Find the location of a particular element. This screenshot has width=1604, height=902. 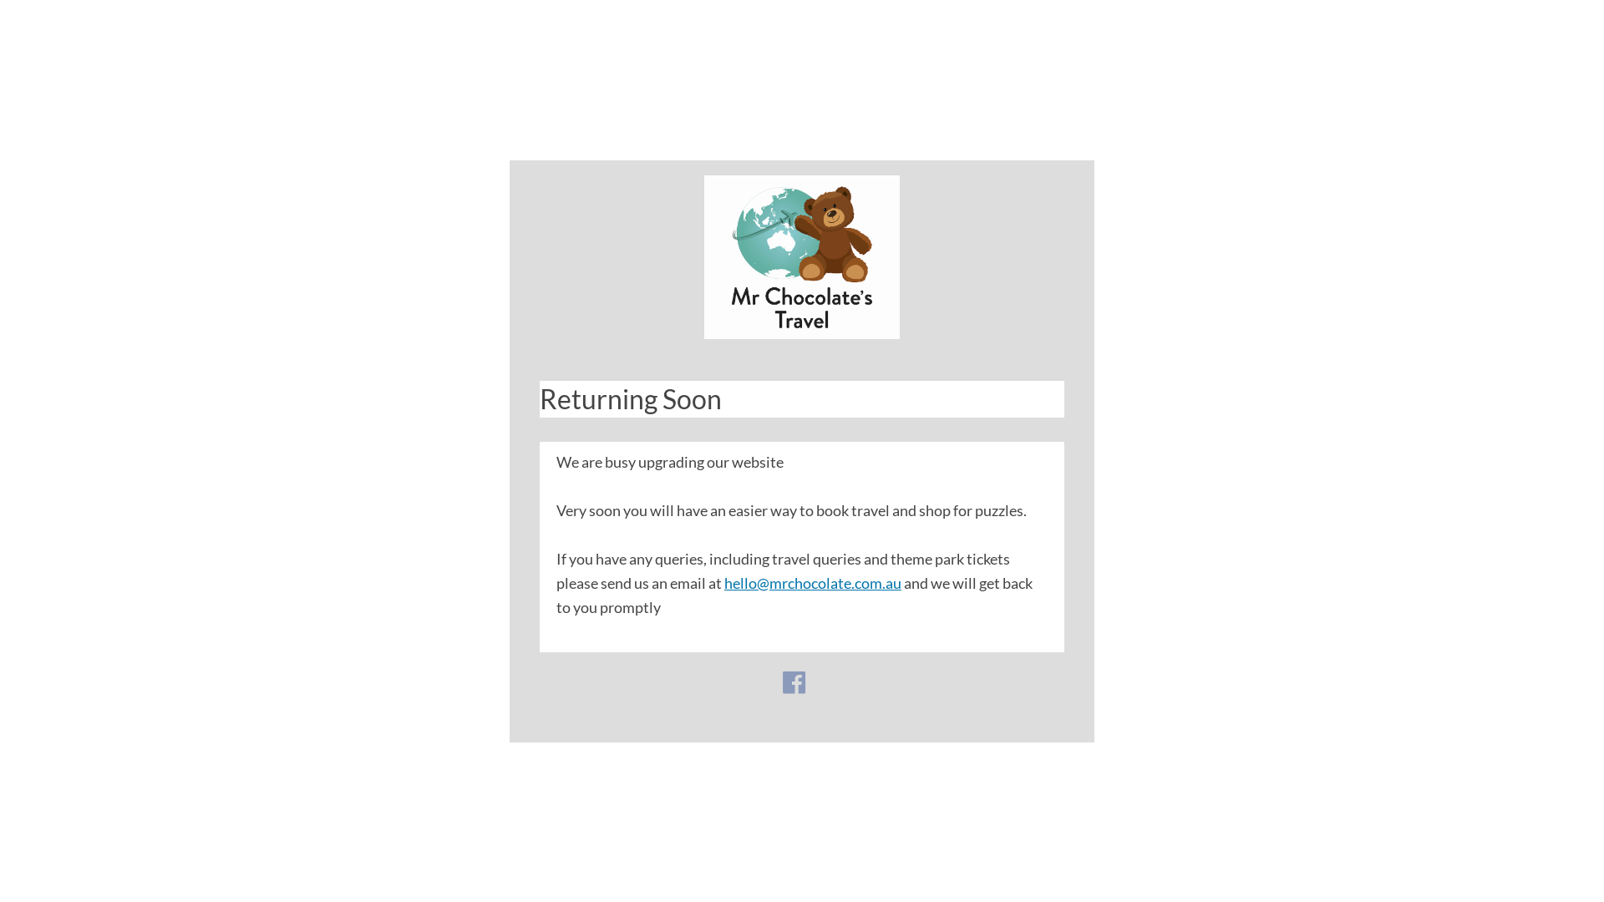

'hello@mrchocolate.com.au' is located at coordinates (813, 581).